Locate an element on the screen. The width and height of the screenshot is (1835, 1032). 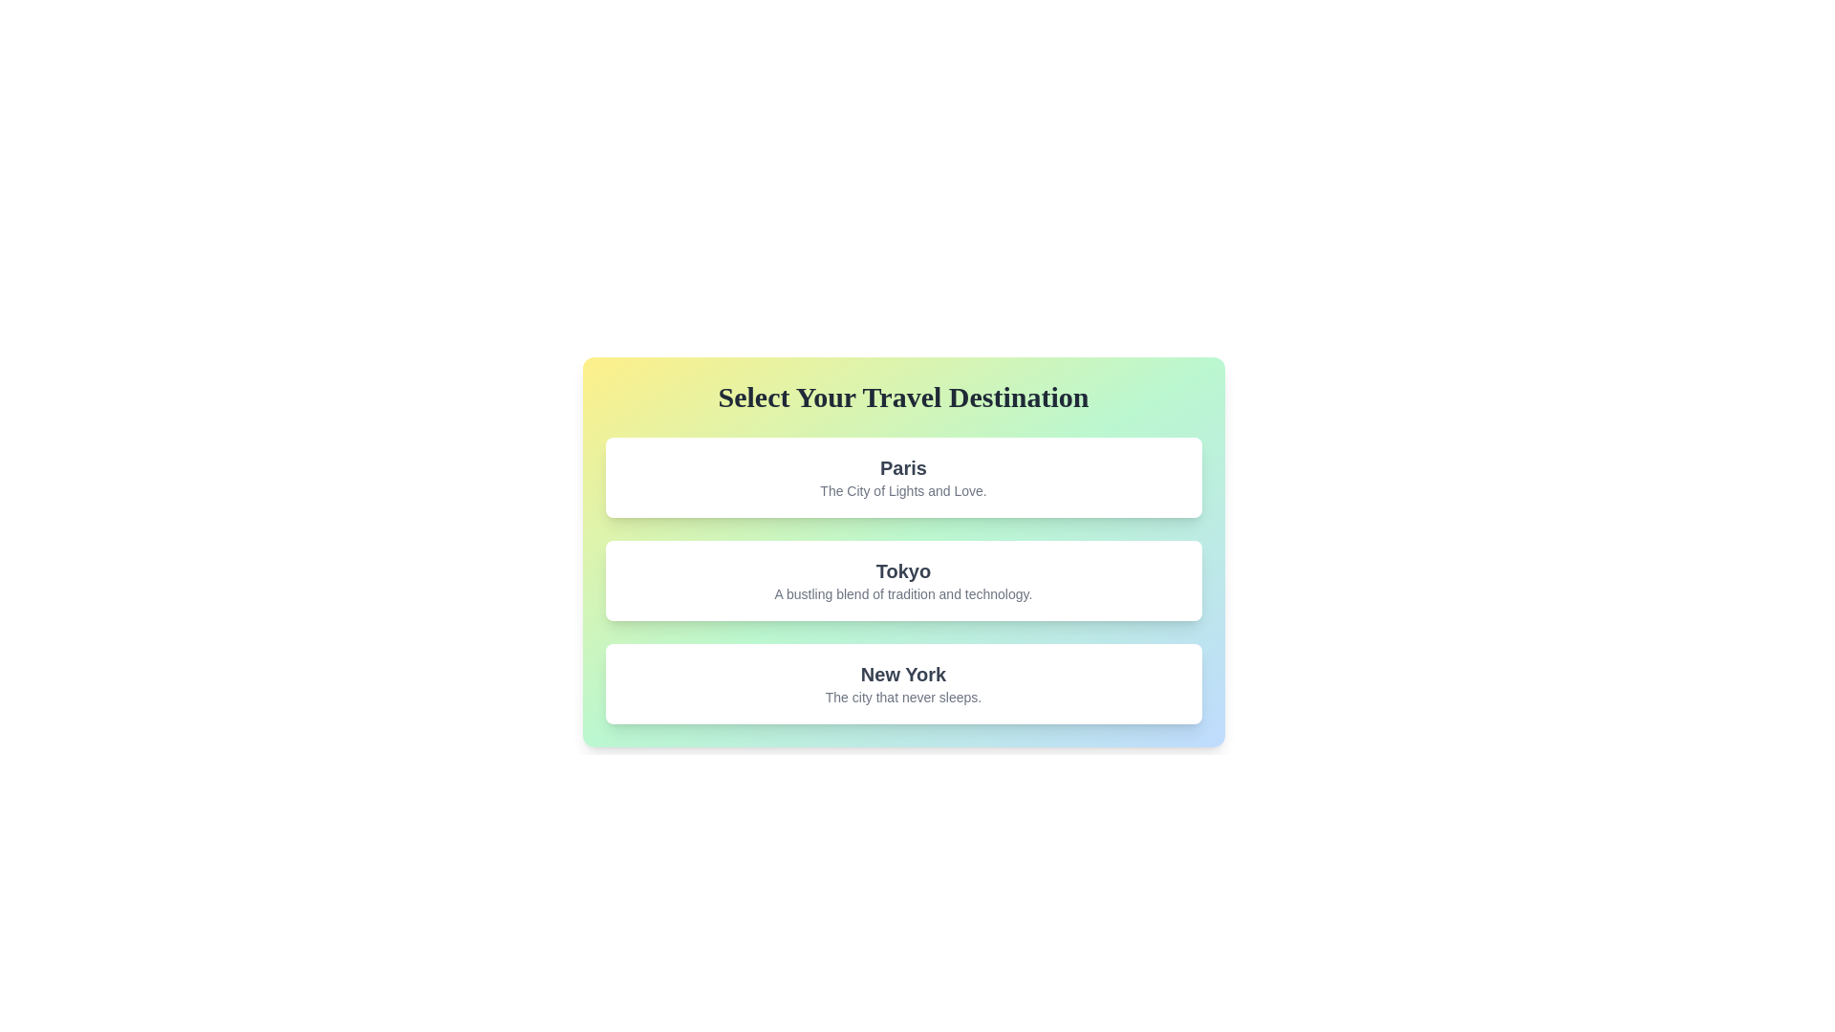
the text label displaying 'Paris' in bold is located at coordinates (902, 467).